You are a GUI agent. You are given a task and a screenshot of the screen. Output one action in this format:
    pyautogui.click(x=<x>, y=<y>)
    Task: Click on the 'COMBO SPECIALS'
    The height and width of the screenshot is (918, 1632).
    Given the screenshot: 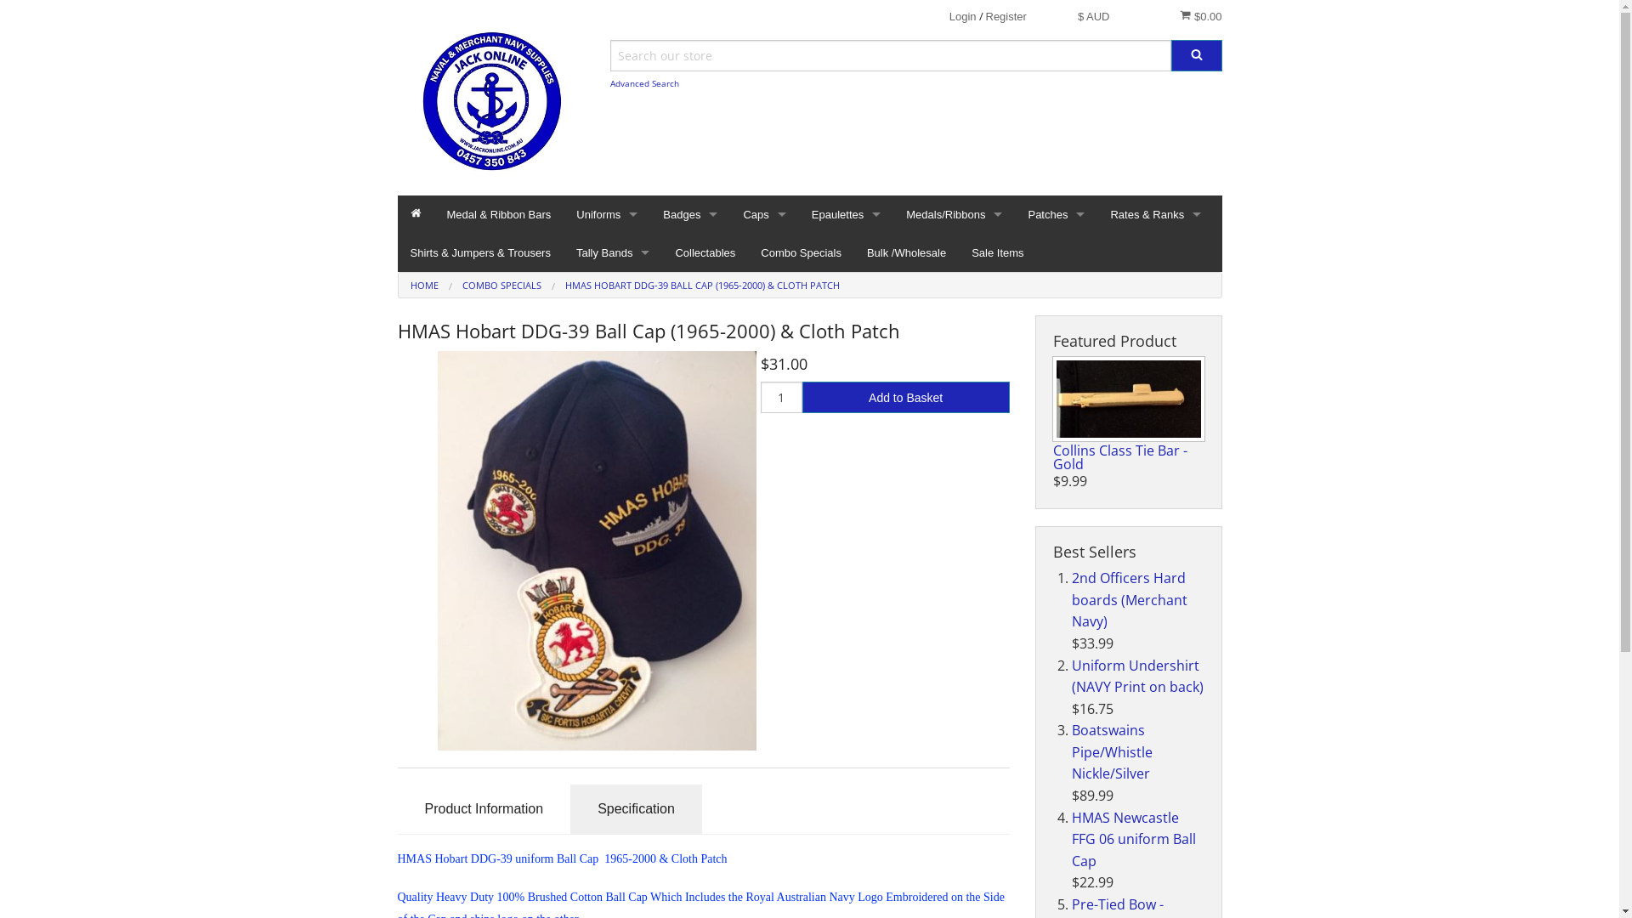 What is the action you would take?
    pyautogui.click(x=501, y=284)
    